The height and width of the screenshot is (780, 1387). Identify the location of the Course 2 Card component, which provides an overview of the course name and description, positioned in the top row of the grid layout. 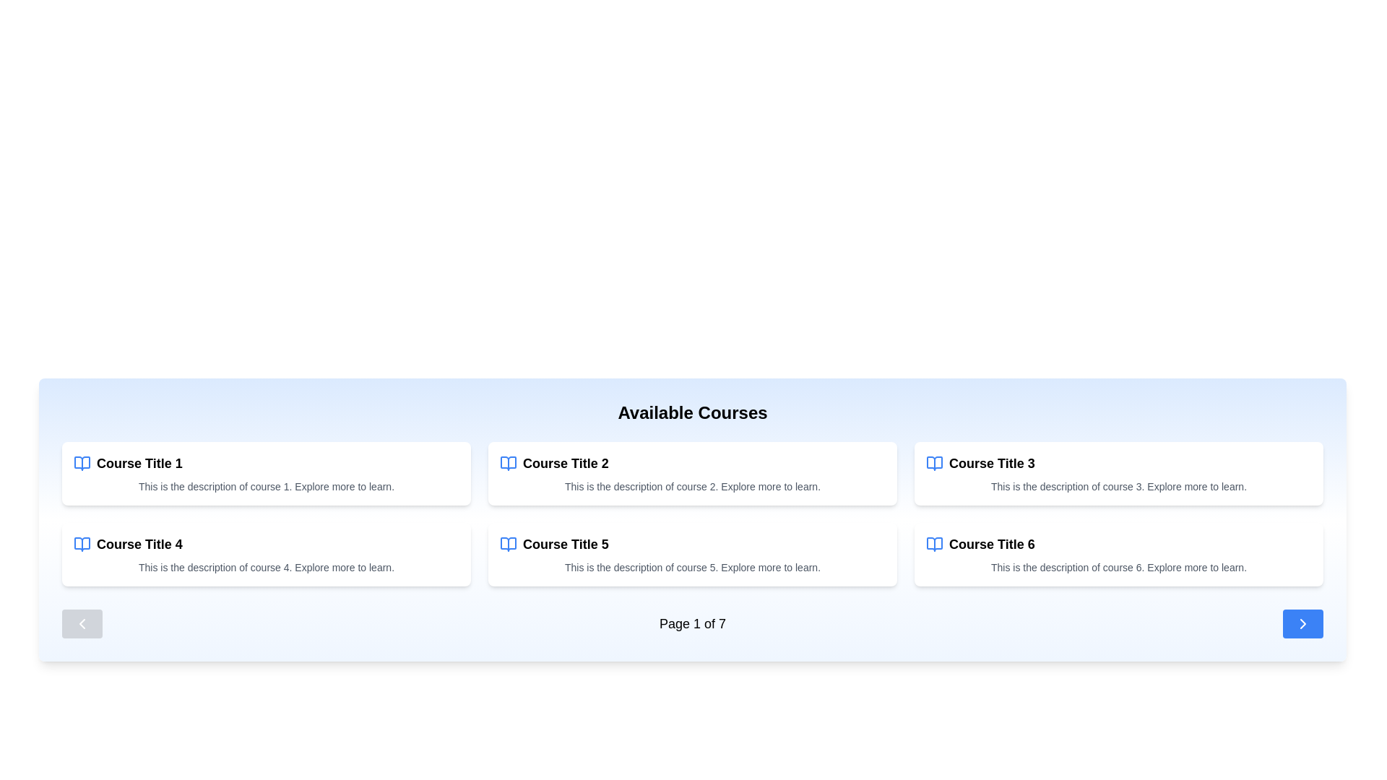
(692, 473).